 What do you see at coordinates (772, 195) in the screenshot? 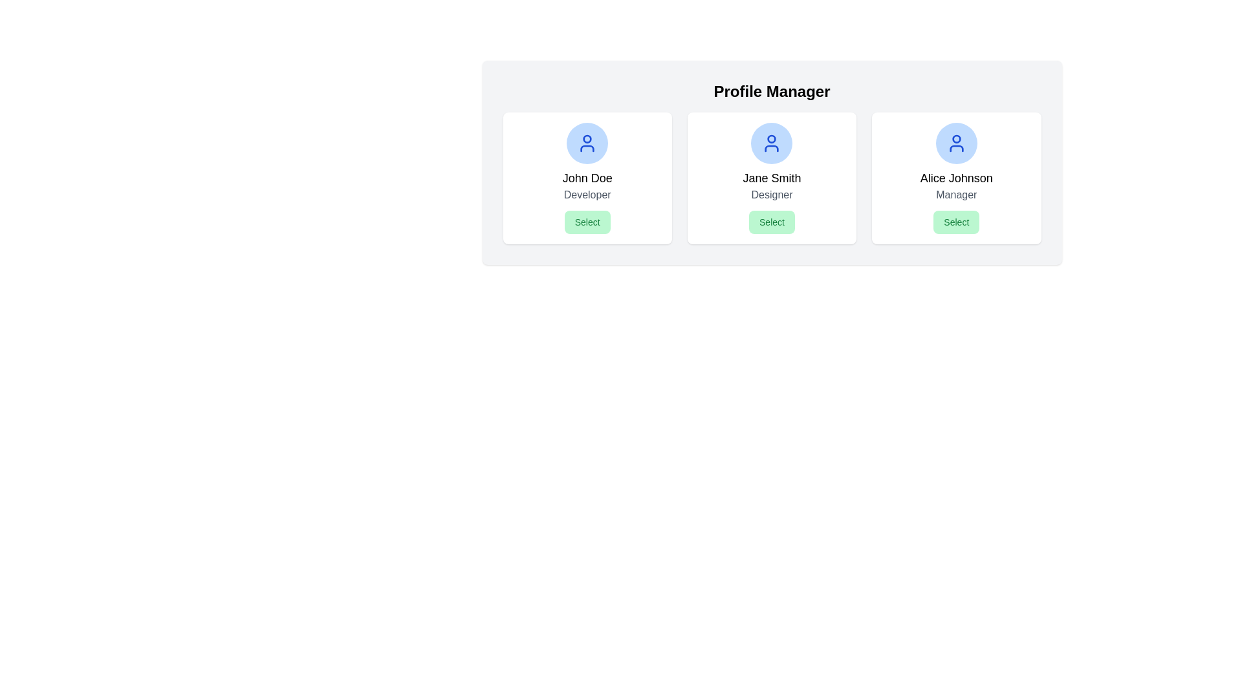
I see `the 'Designer' text label, which is styled in gray and positioned below 'Jane Smith' in the profile card` at bounding box center [772, 195].